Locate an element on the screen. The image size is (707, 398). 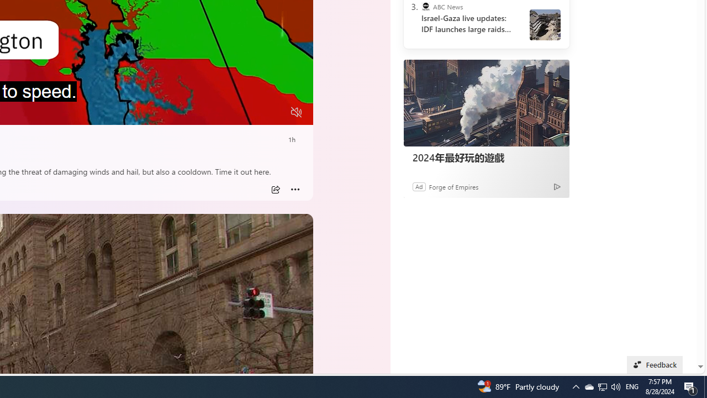
'More' is located at coordinates (295, 189).